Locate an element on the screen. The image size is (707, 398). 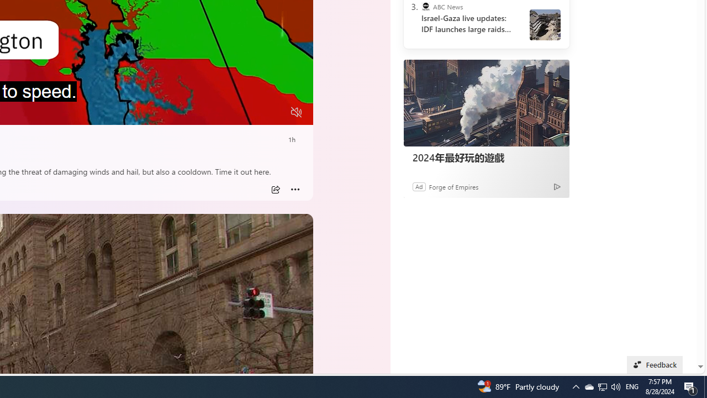
'More' is located at coordinates (295, 189).